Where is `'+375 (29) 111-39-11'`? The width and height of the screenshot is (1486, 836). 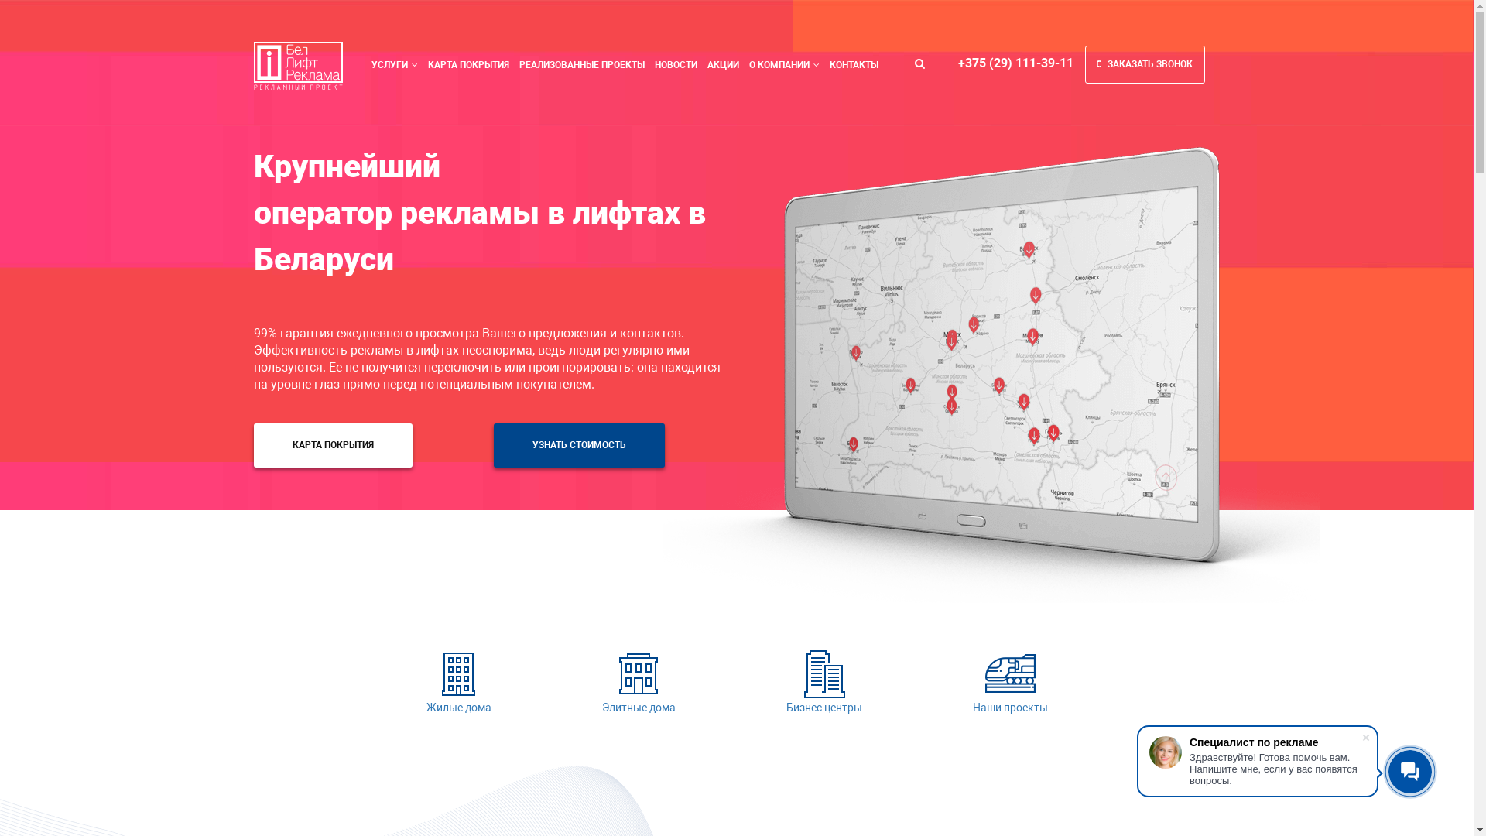 '+375 (29) 111-39-11' is located at coordinates (1015, 62).